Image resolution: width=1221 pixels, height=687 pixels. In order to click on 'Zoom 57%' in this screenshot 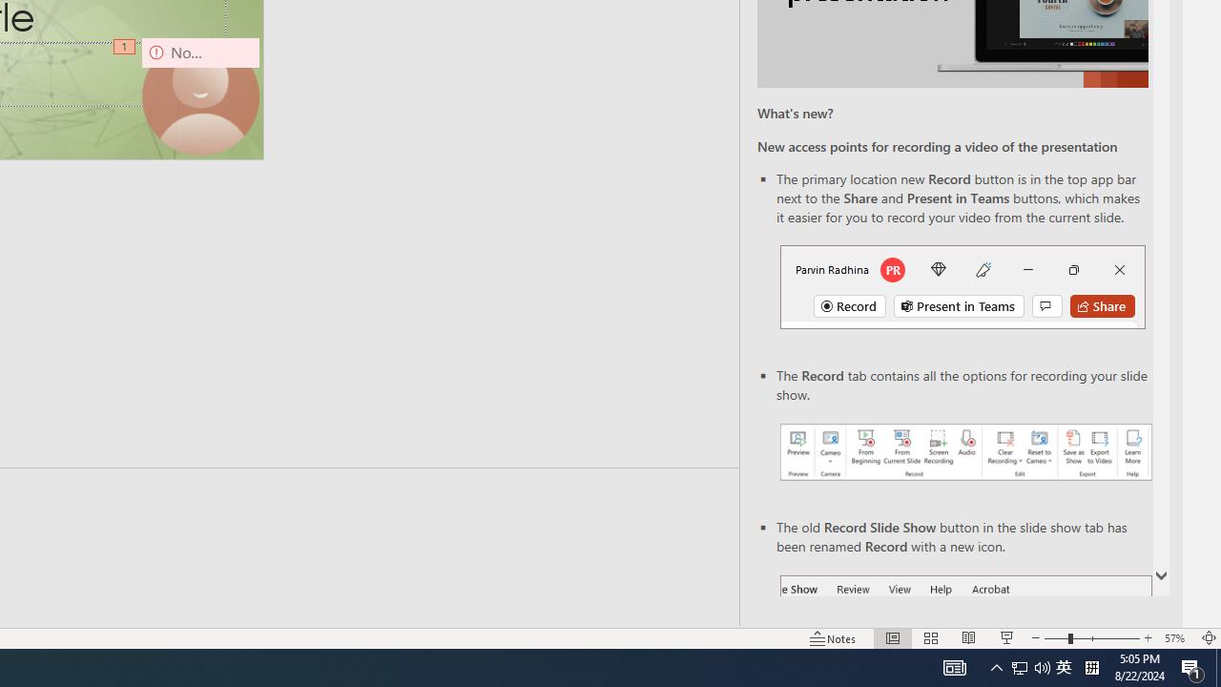, I will do `click(1176, 638)`.